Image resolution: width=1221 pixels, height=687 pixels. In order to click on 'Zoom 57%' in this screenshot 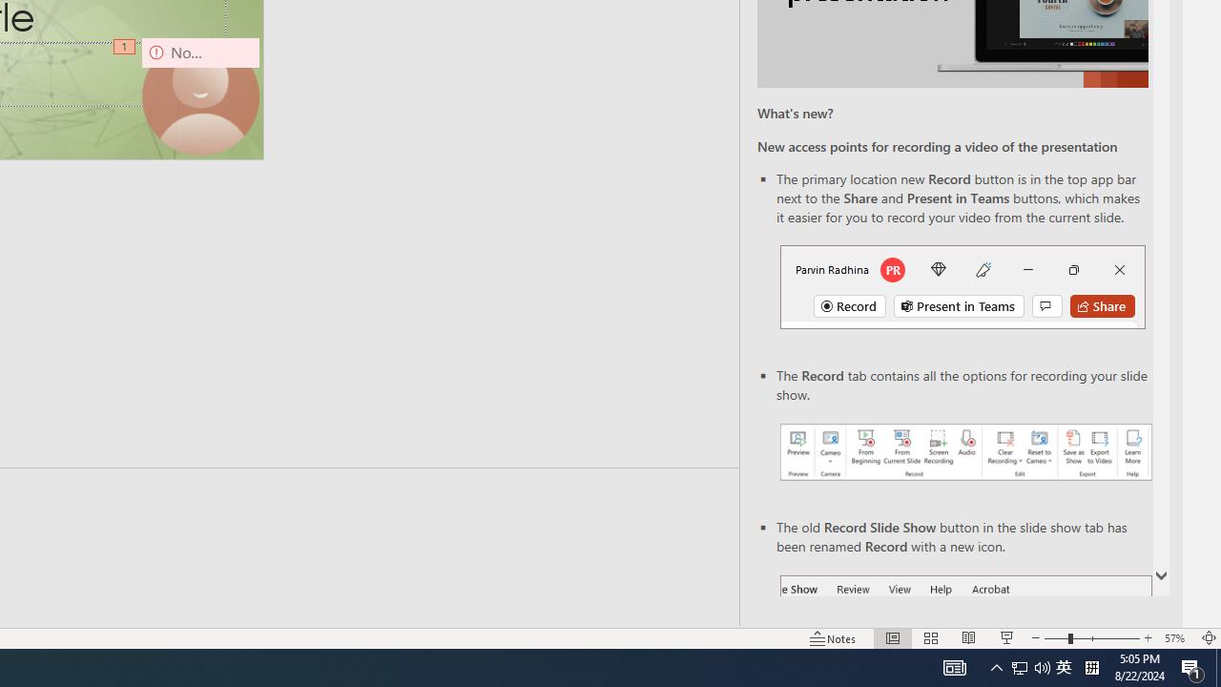, I will do `click(1176, 638)`.